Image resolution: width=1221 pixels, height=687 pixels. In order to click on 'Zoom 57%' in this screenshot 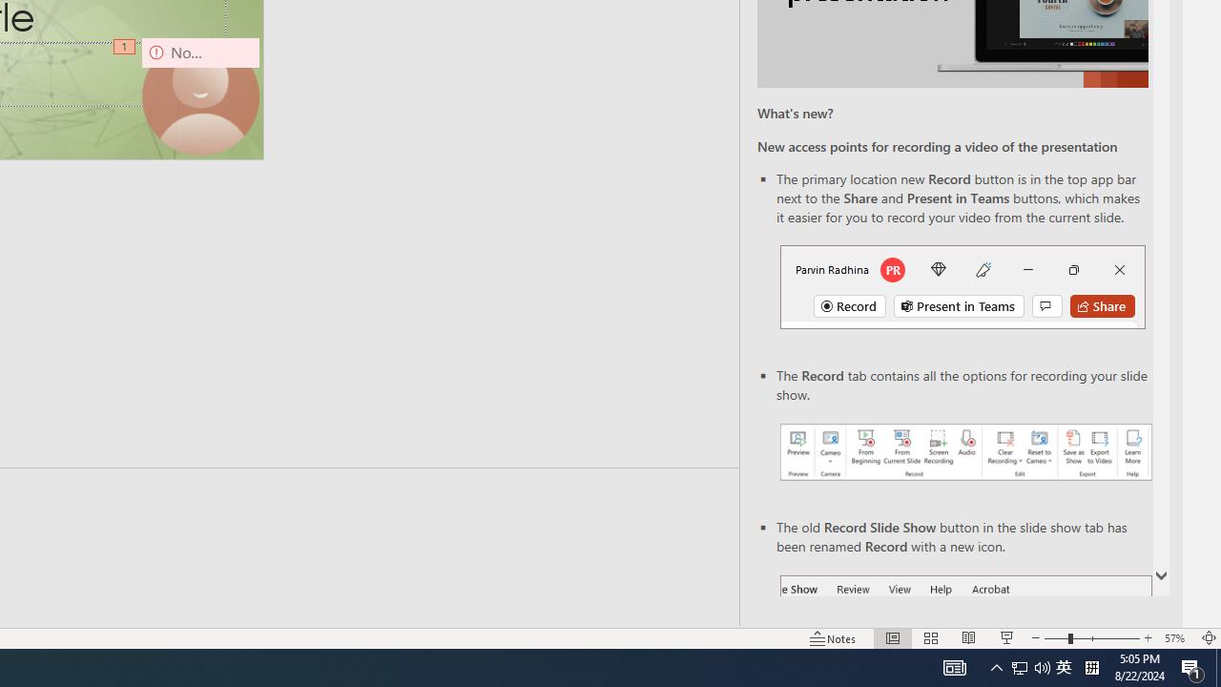, I will do `click(1176, 638)`.